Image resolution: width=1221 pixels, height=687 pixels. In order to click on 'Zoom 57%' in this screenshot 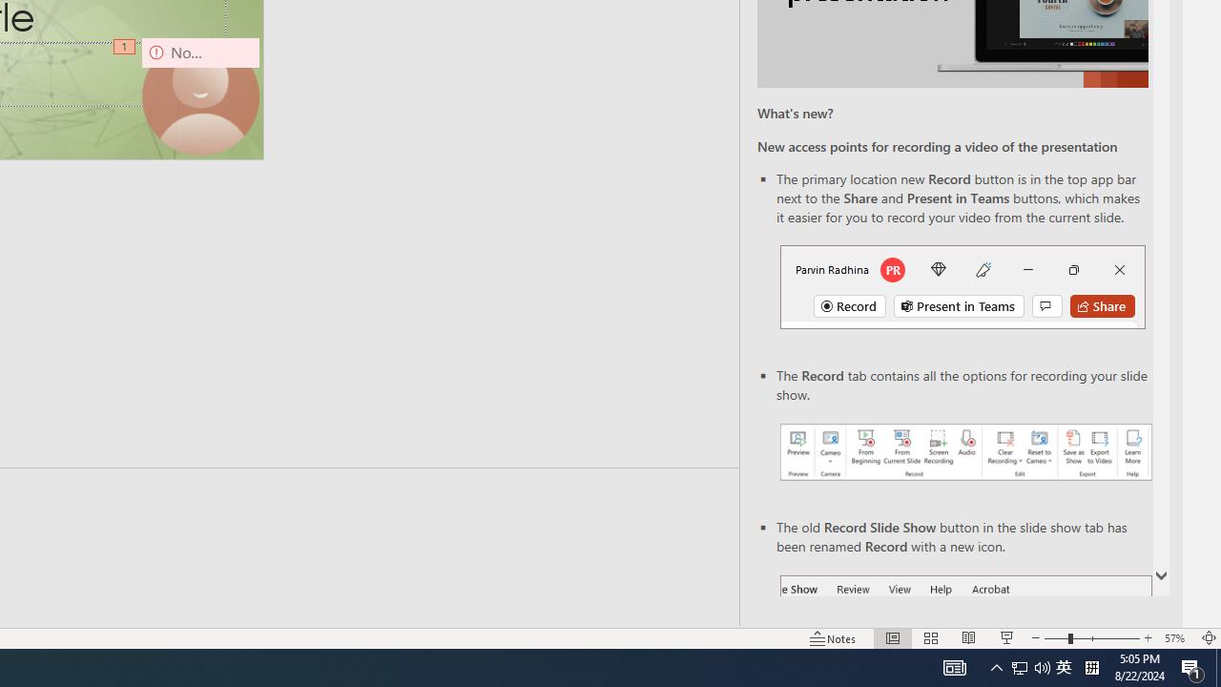, I will do `click(1176, 638)`.